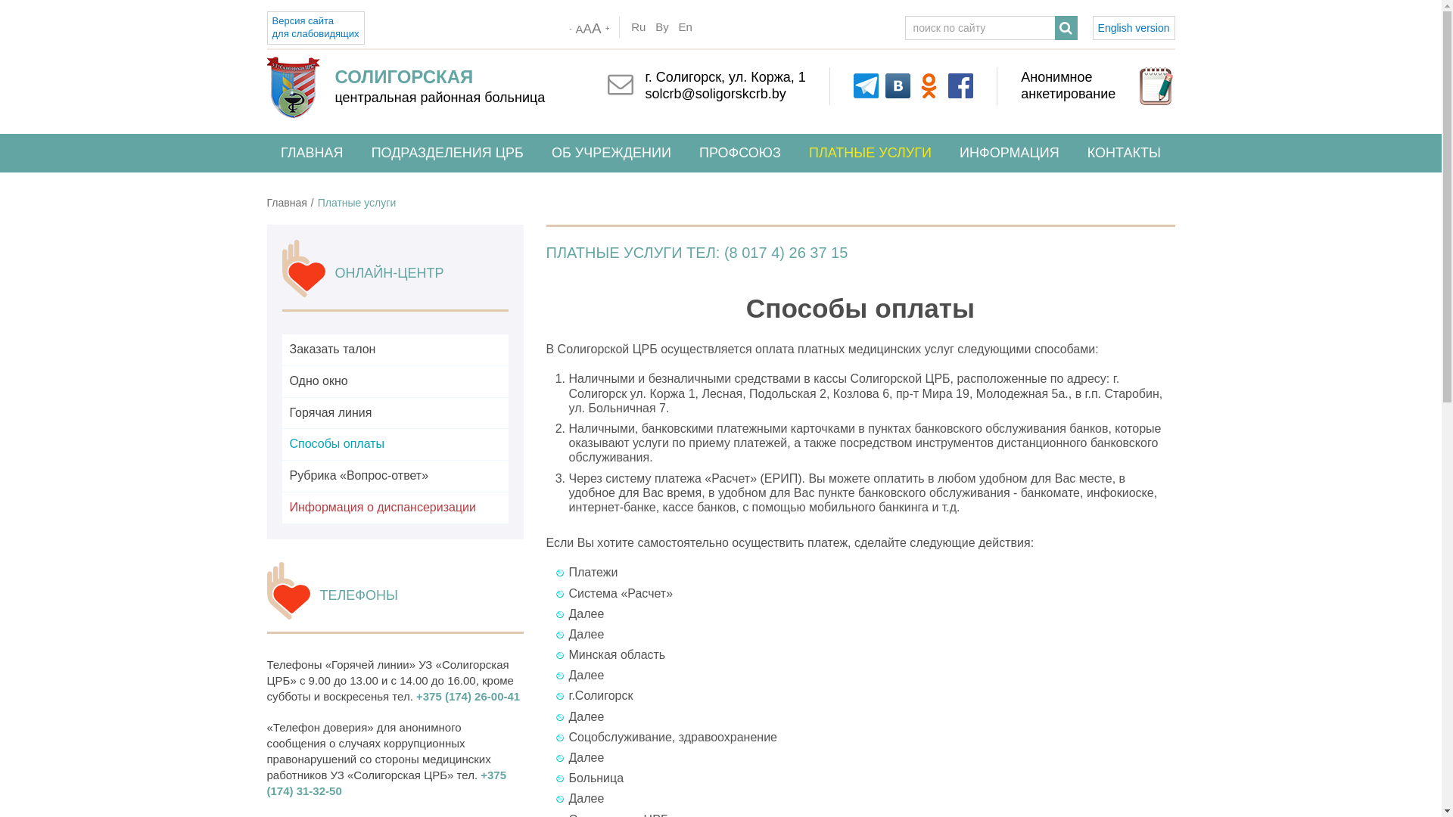  I want to click on '+', so click(607, 28).